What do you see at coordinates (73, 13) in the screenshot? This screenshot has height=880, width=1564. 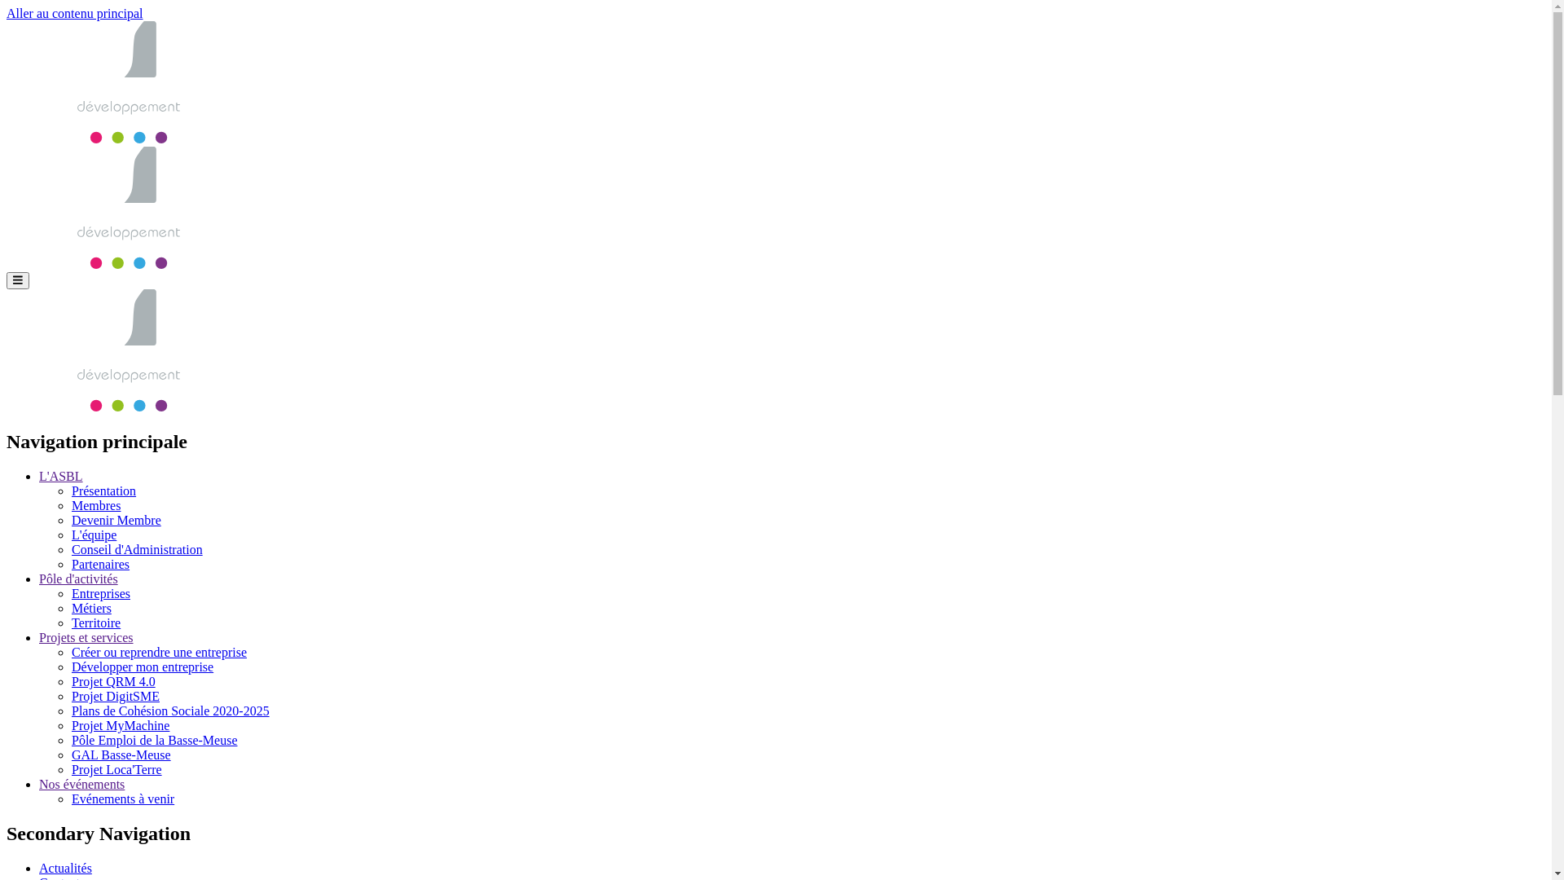 I see `'Aller au contenu principal'` at bounding box center [73, 13].